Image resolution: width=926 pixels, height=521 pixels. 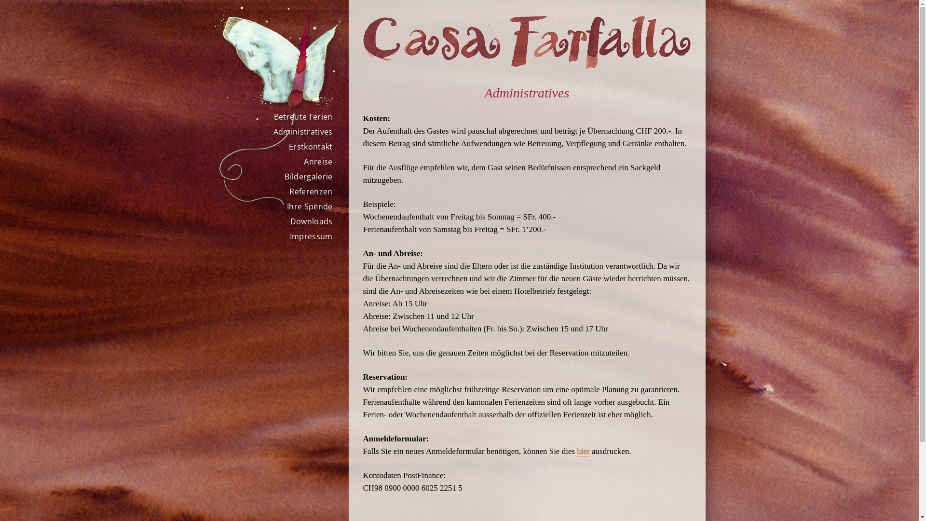 What do you see at coordinates (312, 221) in the screenshot?
I see `'Downloads'` at bounding box center [312, 221].